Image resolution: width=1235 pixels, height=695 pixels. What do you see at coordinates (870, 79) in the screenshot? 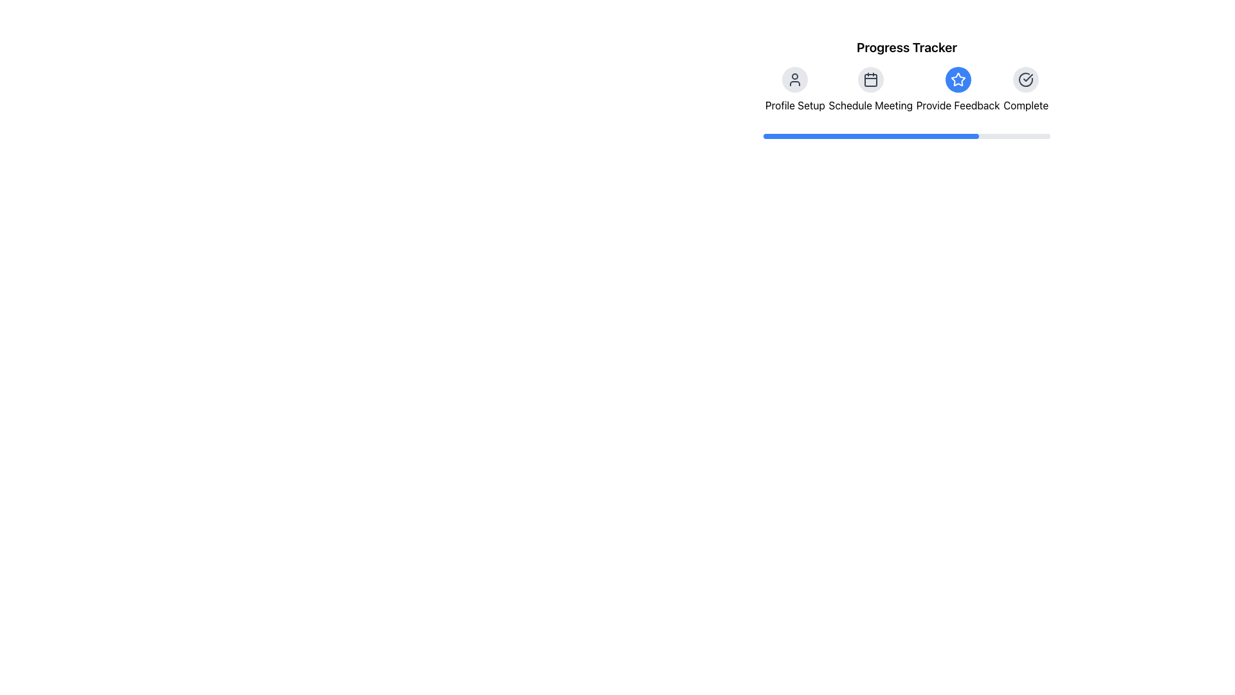
I see `the calendar icon, which is the second icon in a row of four within the progress tracker interface` at bounding box center [870, 79].